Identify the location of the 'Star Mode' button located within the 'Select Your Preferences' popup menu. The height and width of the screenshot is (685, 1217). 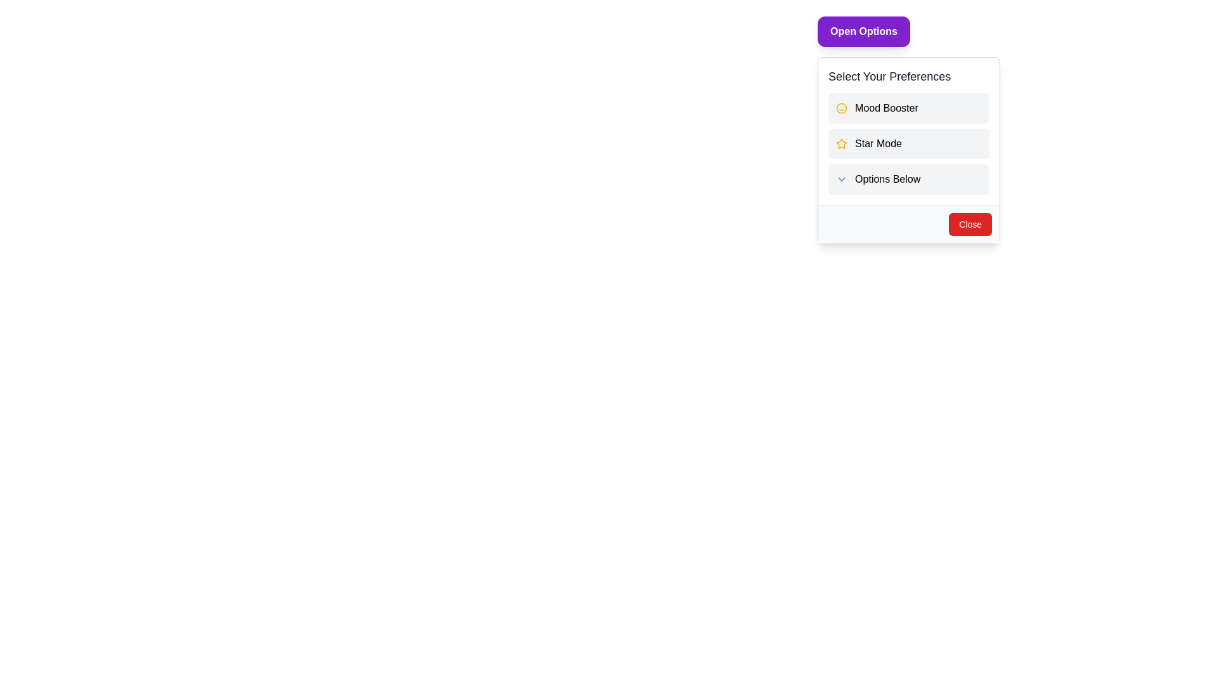
(908, 150).